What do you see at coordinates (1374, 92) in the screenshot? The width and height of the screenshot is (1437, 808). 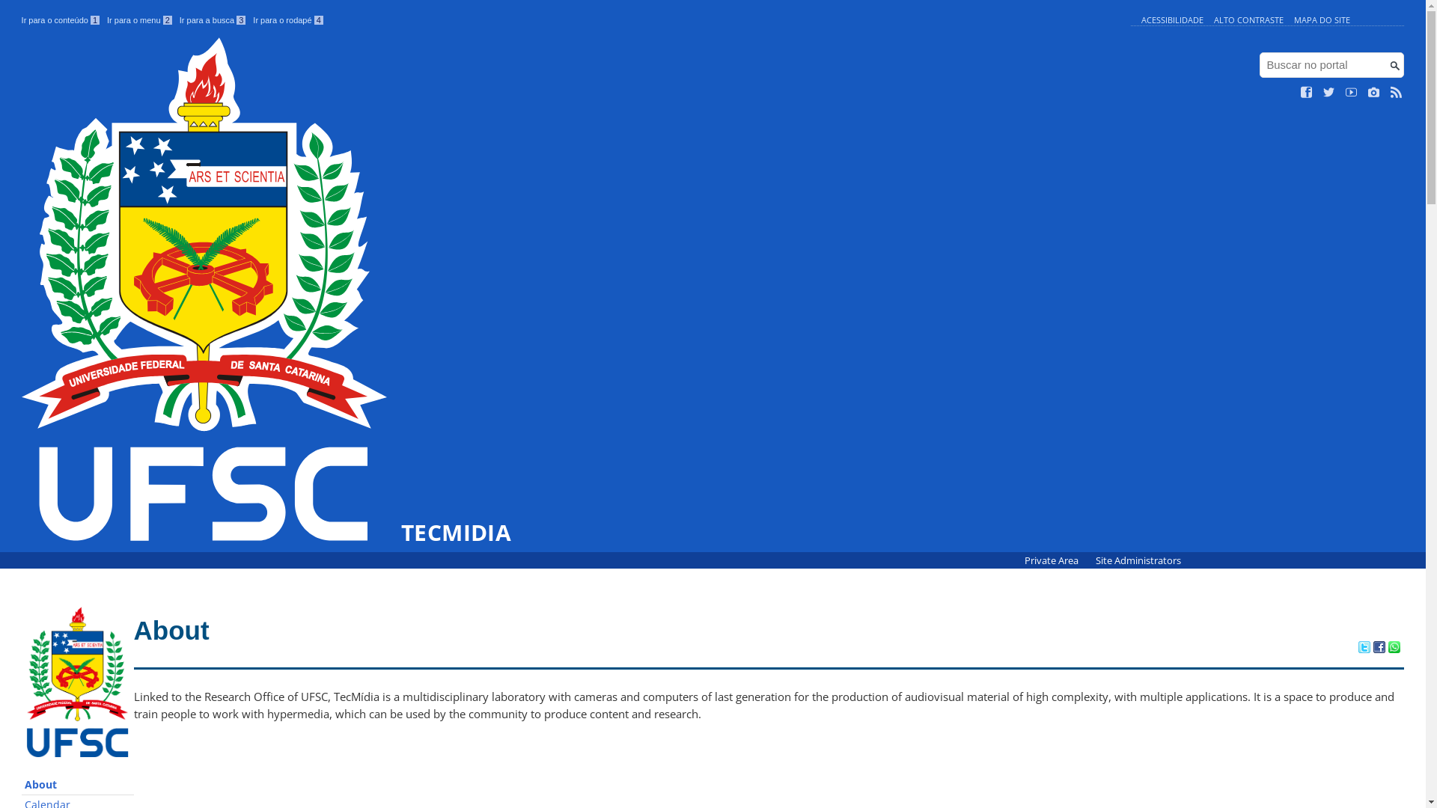 I see `'Veja no Instagram'` at bounding box center [1374, 92].